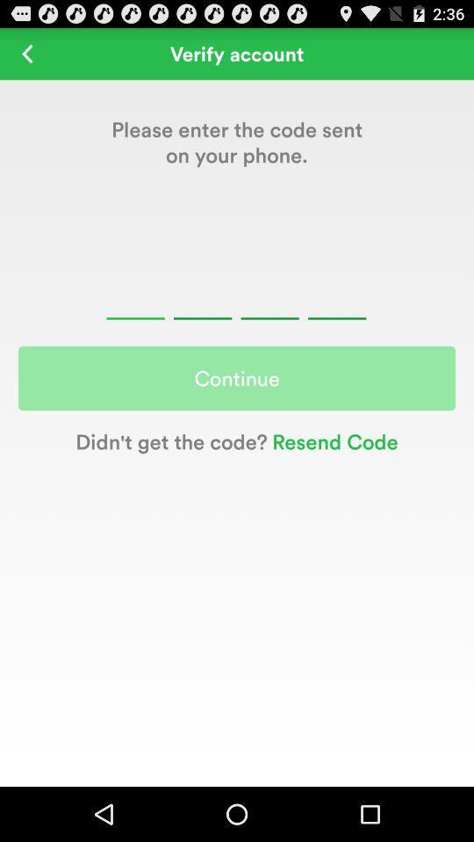  I want to click on the arrow_backward icon, so click(26, 57).